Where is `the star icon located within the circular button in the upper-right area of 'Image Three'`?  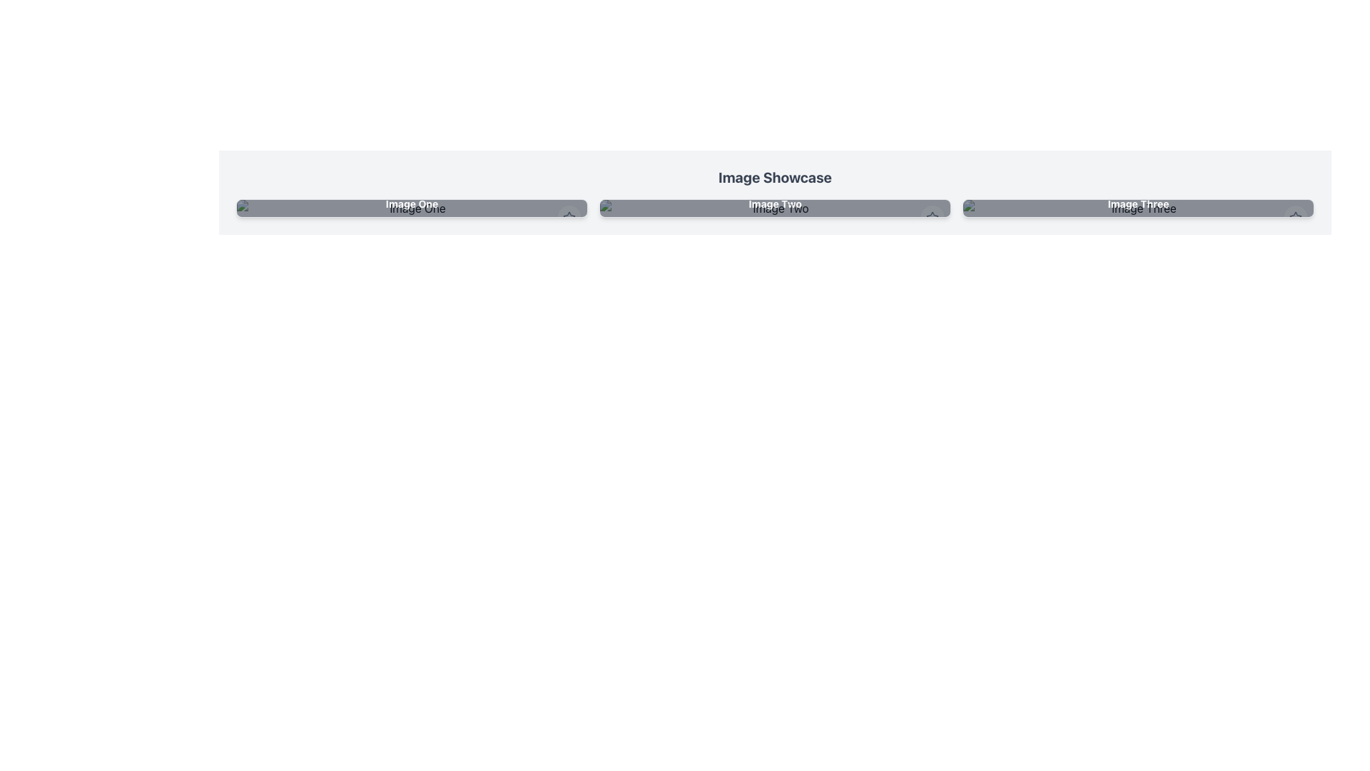 the star icon located within the circular button in the upper-right area of 'Image Three' is located at coordinates (1295, 217).